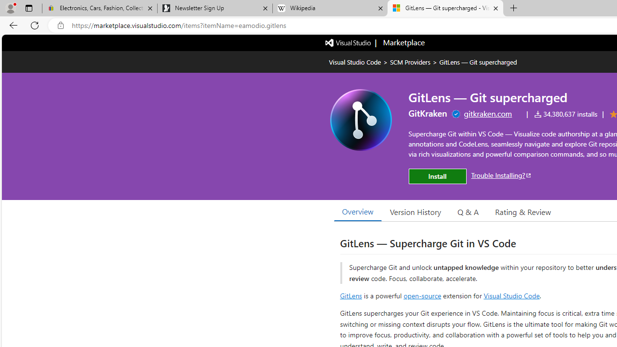 Image resolution: width=617 pixels, height=347 pixels. Describe the element at coordinates (350, 295) in the screenshot. I see `'GitLens'` at that location.